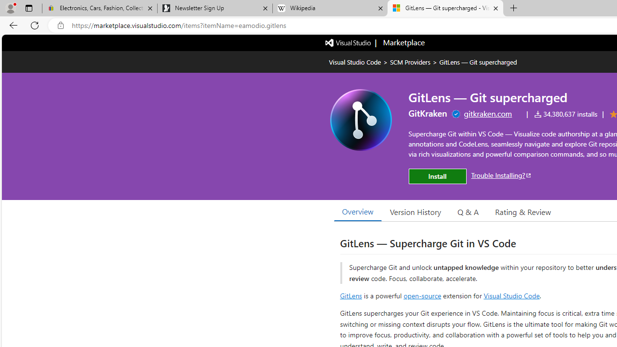 Image resolution: width=617 pixels, height=347 pixels. Describe the element at coordinates (350, 295) in the screenshot. I see `'GitLens'` at that location.